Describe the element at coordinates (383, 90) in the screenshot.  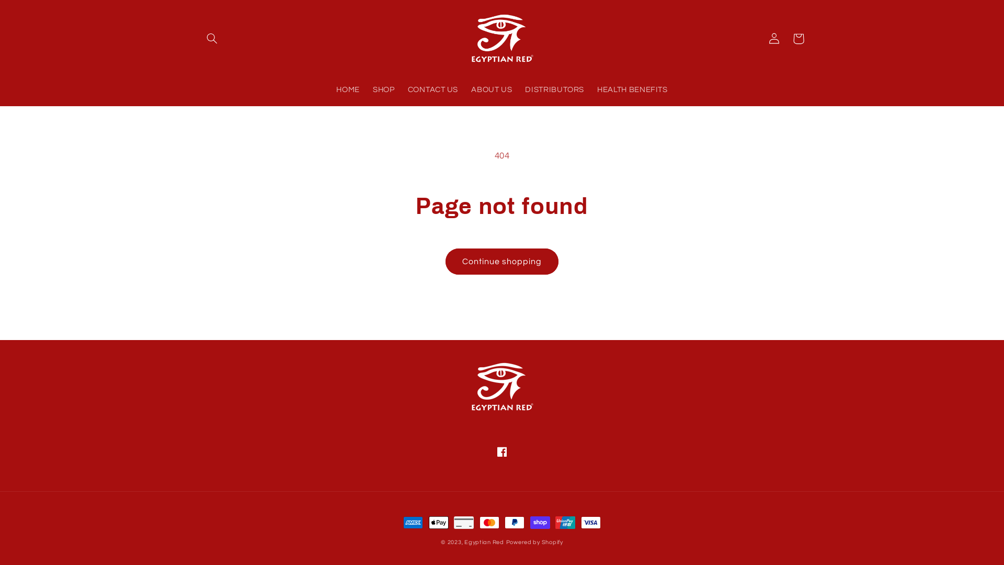
I see `'SHOP'` at that location.